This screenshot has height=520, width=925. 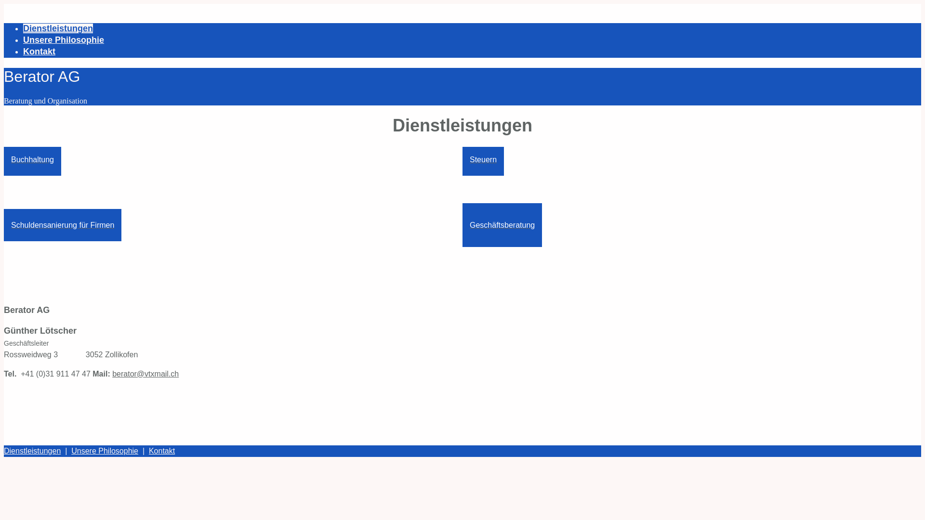 I want to click on 'Dienstleistungen', so click(x=4, y=451).